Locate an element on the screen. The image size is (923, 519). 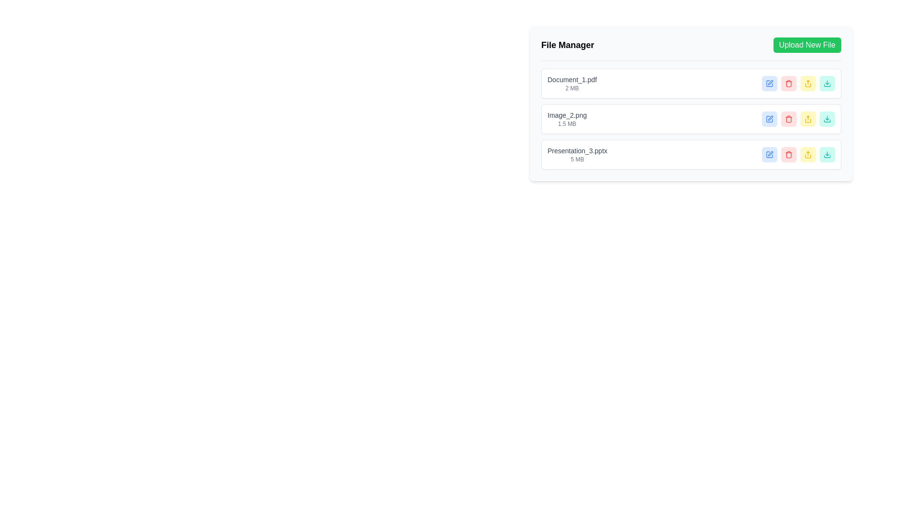
the small yellow button with an upward arrow icon in the top-right corner of the file manager interface to initiate the sharing action for the file 'Document_1.pdf' is located at coordinates (808, 83).